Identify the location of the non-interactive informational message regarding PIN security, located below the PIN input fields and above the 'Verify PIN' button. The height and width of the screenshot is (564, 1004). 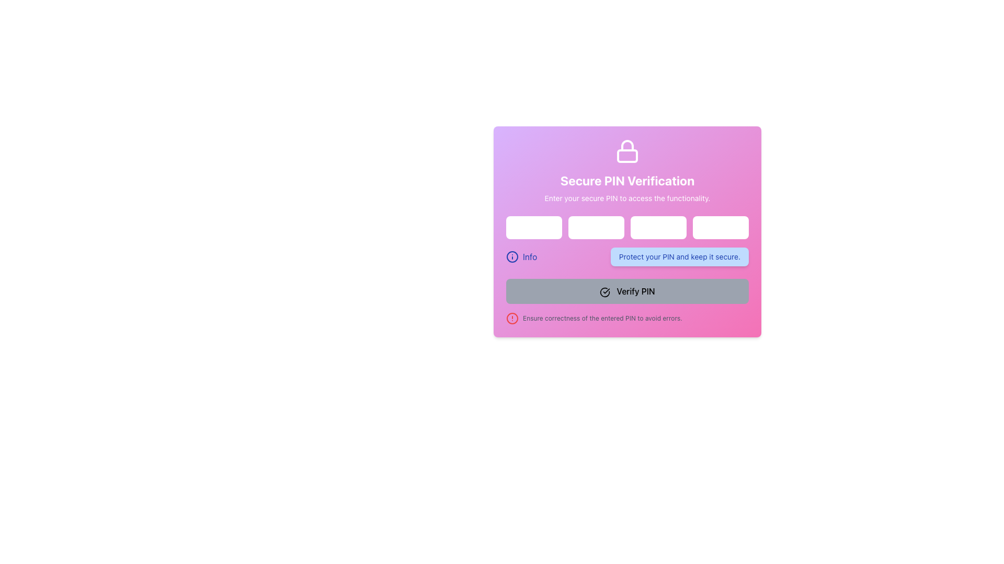
(680, 257).